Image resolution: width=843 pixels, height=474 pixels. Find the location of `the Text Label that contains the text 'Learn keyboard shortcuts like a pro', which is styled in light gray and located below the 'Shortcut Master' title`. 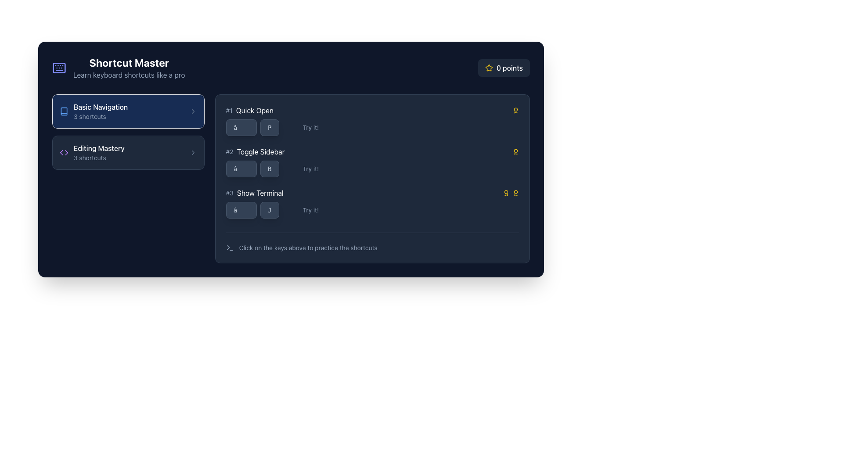

the Text Label that contains the text 'Learn keyboard shortcuts like a pro', which is styled in light gray and located below the 'Shortcut Master' title is located at coordinates (129, 74).